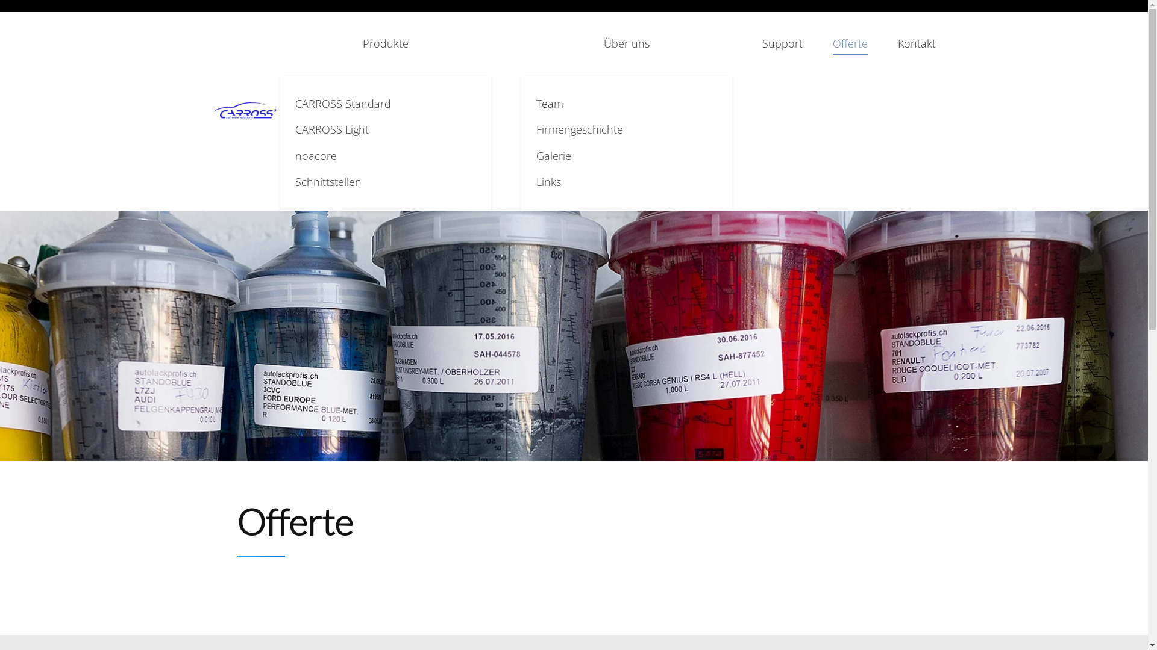 This screenshot has height=650, width=1157. Describe the element at coordinates (627, 155) in the screenshot. I see `'Galerie'` at that location.